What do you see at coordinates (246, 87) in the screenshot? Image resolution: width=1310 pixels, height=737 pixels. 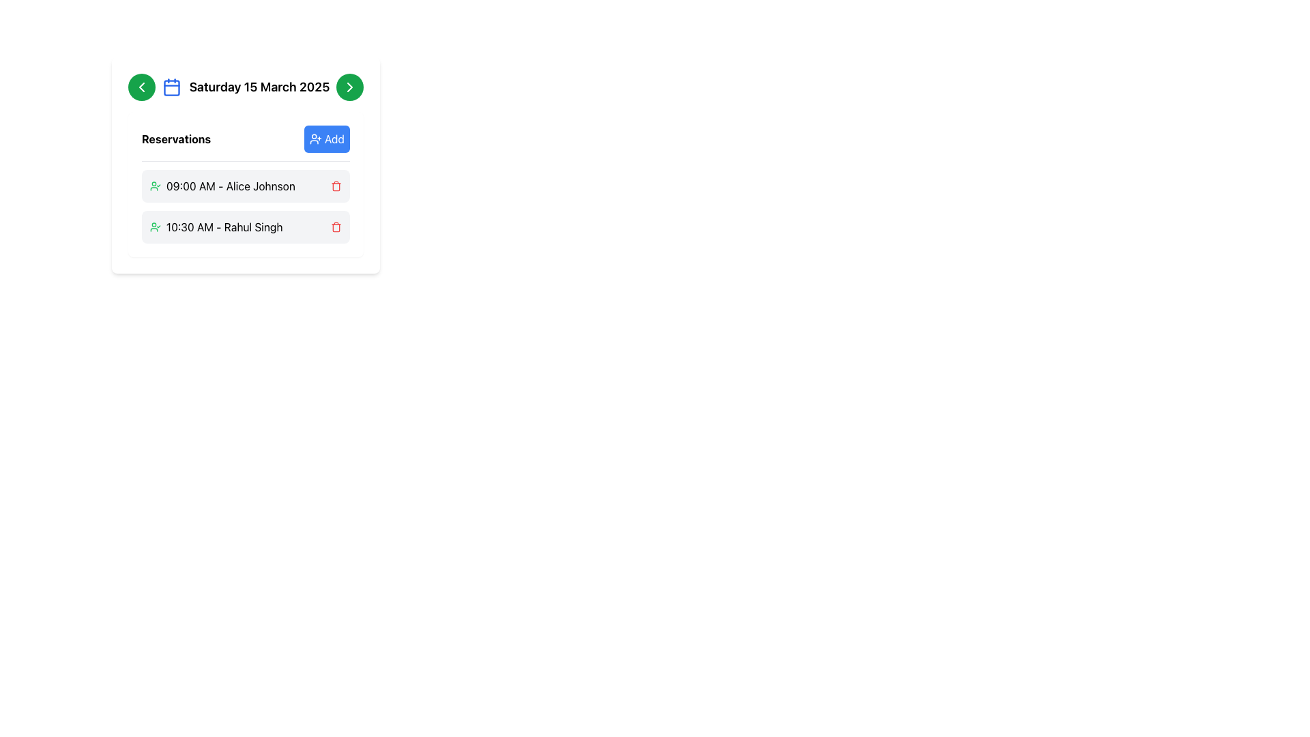 I see `the informational display label that shows the currently selected date, which is centrally aligned between a green circular back button and a forward button` at bounding box center [246, 87].